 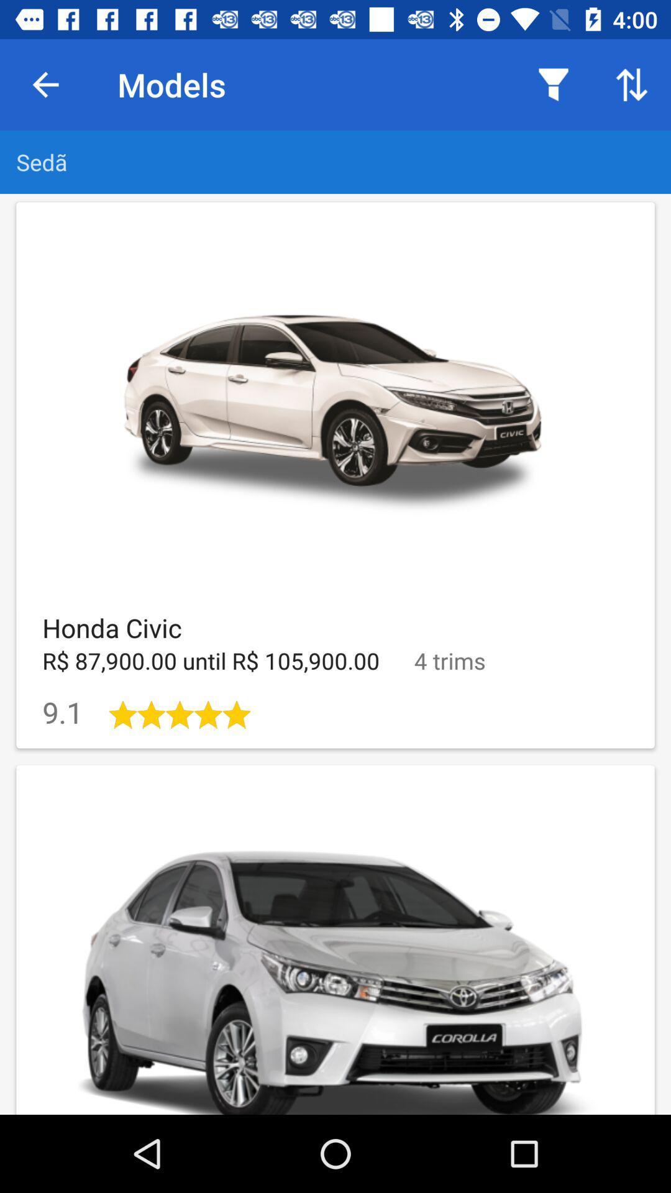 What do you see at coordinates (553, 85) in the screenshot?
I see `the filter option on the top right` at bounding box center [553, 85].